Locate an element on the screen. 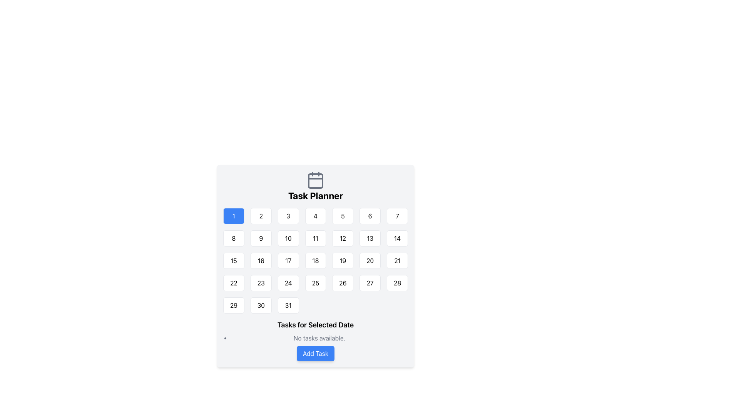 This screenshot has height=416, width=739. the ninth selectable button in the interactive calendar interface is located at coordinates (261, 238).